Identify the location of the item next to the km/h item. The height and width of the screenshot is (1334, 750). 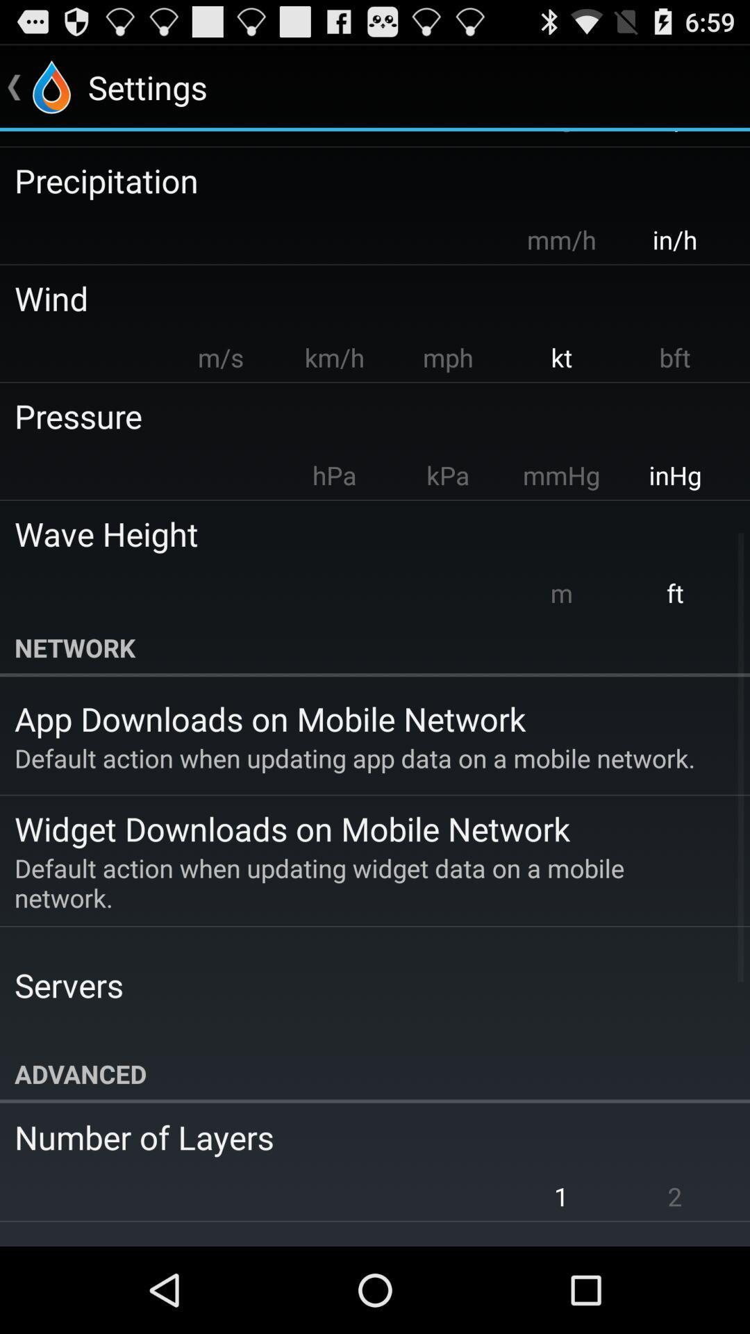
(219, 357).